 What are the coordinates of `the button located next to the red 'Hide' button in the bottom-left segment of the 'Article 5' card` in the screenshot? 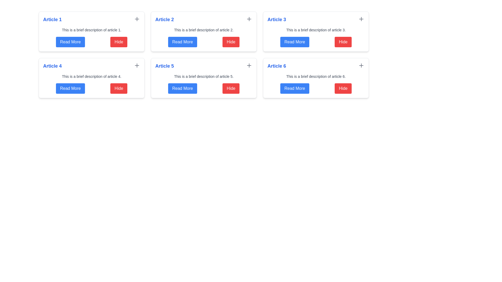 It's located at (182, 88).